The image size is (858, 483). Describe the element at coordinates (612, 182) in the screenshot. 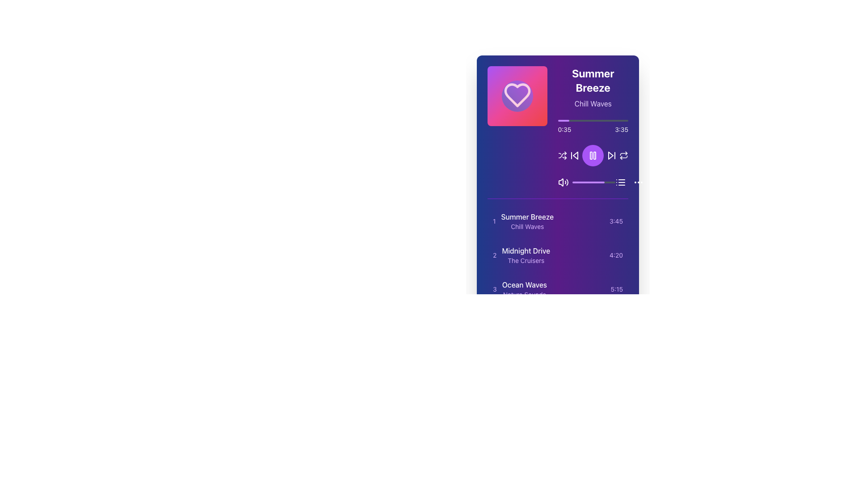

I see `the progress value` at that location.